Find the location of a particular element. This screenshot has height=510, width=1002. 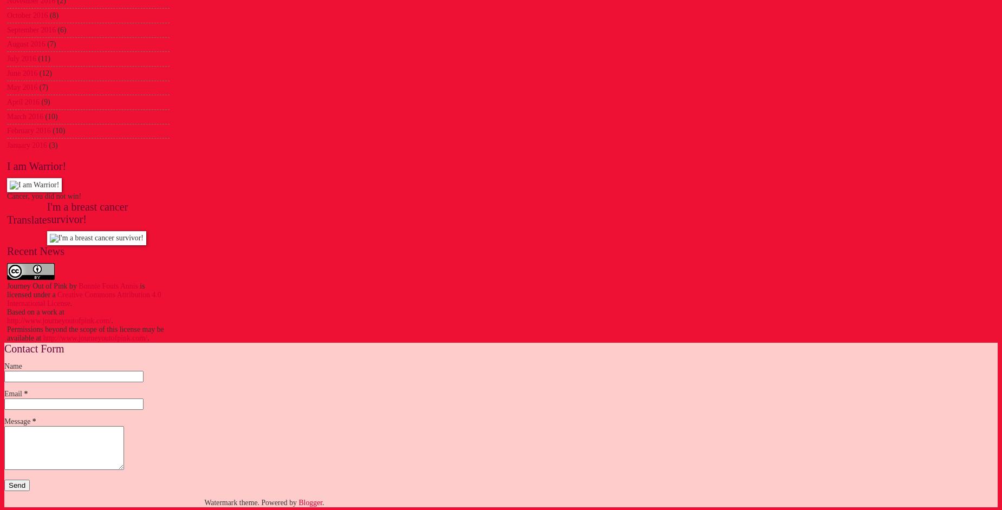

'April 2016' is located at coordinates (22, 101).